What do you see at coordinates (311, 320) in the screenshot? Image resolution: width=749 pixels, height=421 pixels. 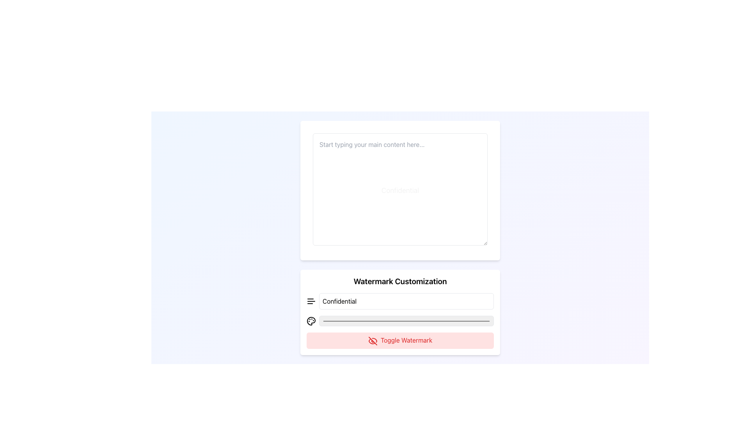 I see `the decorative icon or SVG graphic located in the top-left corner of the 'Watermark Customization' panel, which indicates color or design customization` at bounding box center [311, 320].